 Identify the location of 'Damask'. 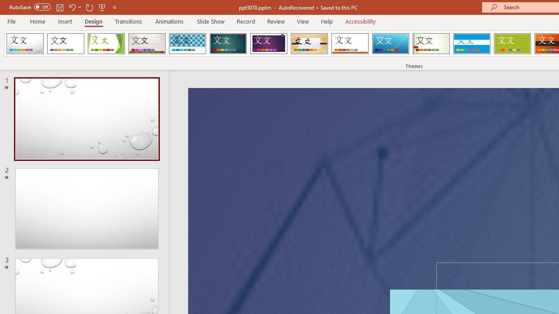
(25, 44).